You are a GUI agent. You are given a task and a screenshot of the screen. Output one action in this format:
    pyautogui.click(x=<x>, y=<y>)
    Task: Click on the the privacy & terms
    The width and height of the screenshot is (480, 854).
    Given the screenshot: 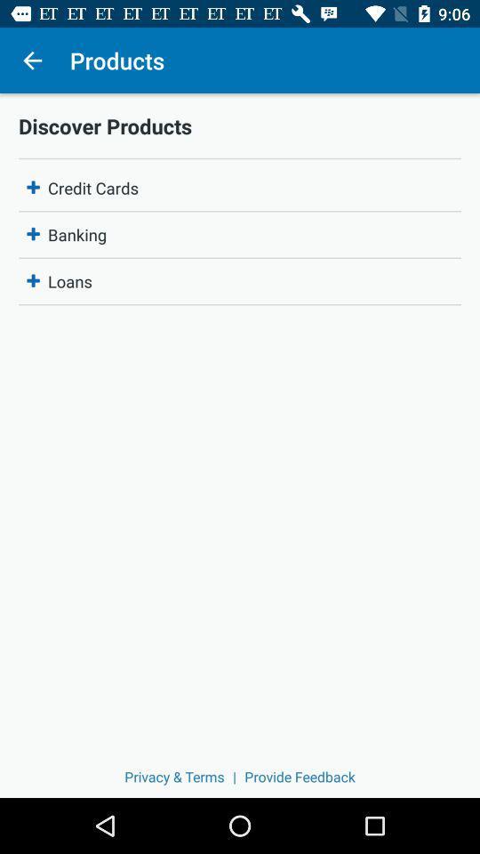 What is the action you would take?
    pyautogui.click(x=174, y=776)
    